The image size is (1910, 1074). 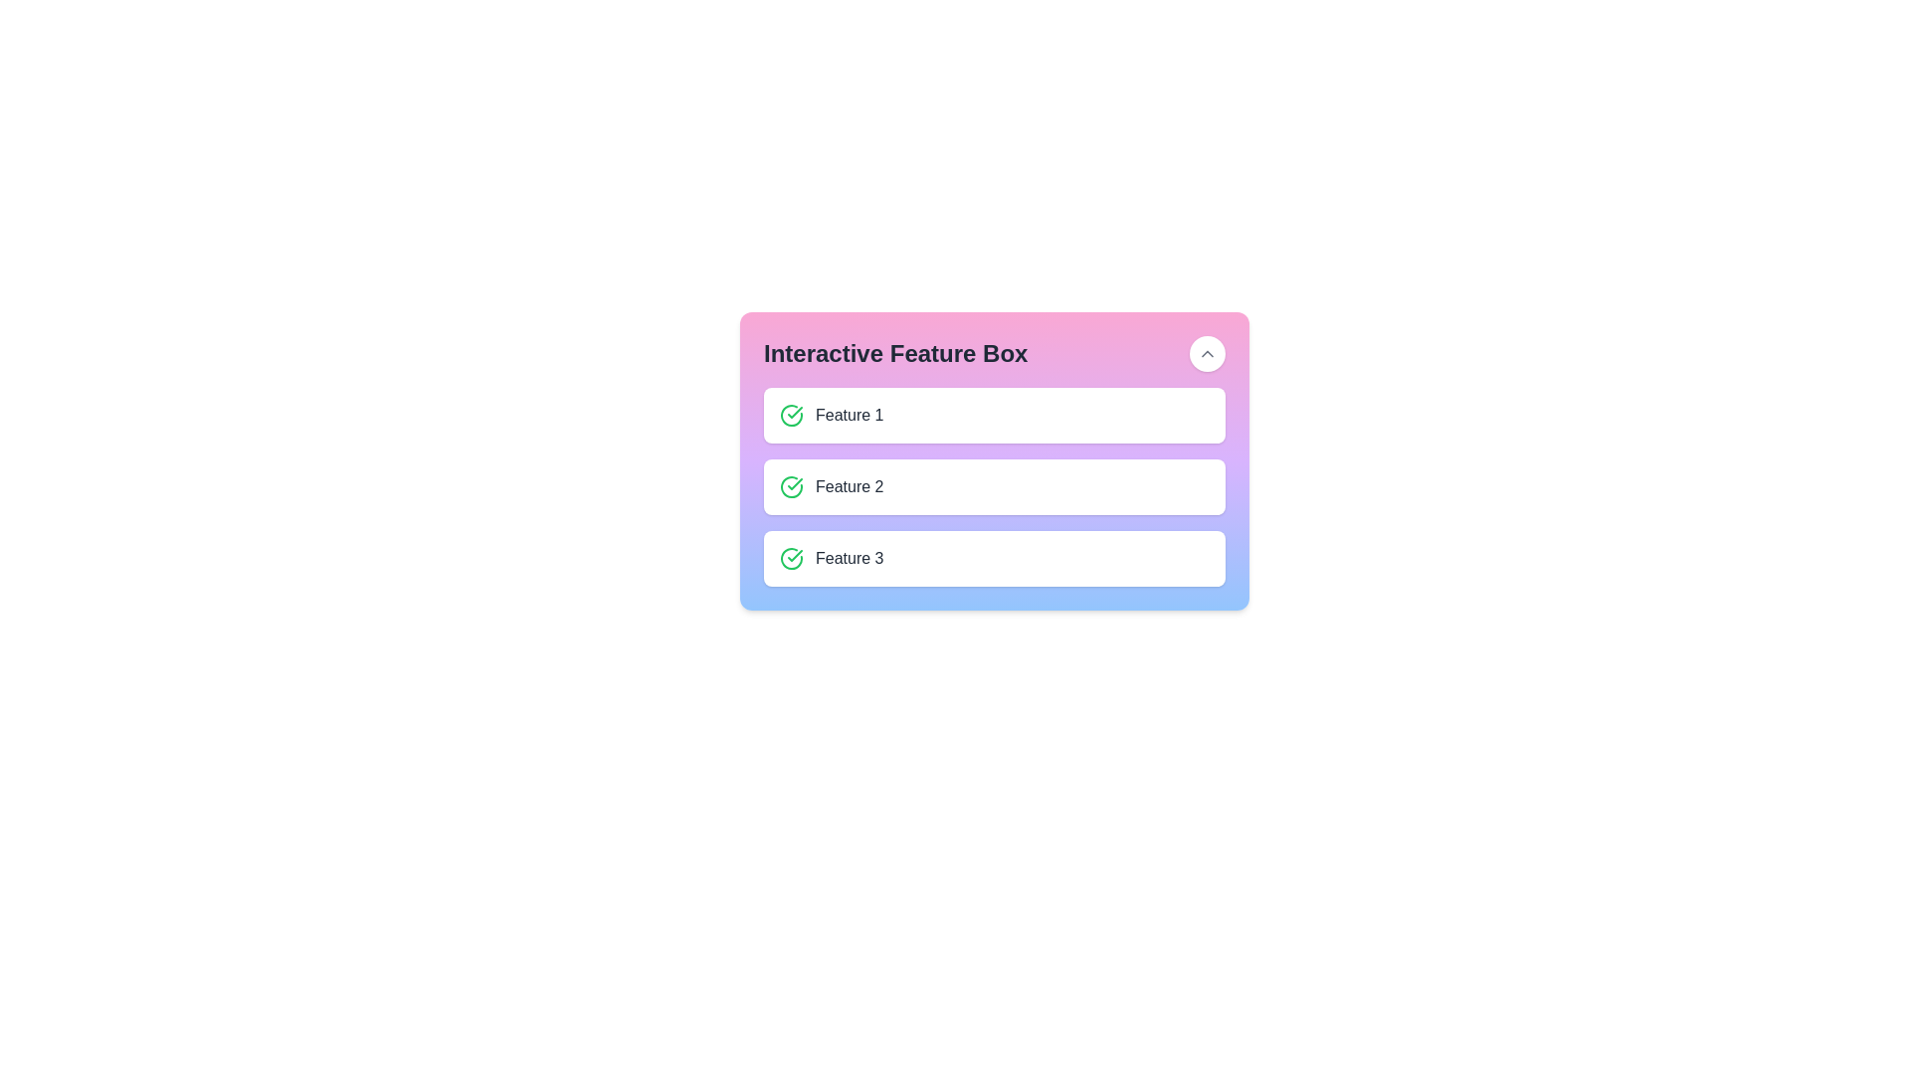 What do you see at coordinates (850, 559) in the screenshot?
I see `the text label displaying 'Feature 3' in dark gray color within the third row of the 'Interactive Feature Box' list` at bounding box center [850, 559].